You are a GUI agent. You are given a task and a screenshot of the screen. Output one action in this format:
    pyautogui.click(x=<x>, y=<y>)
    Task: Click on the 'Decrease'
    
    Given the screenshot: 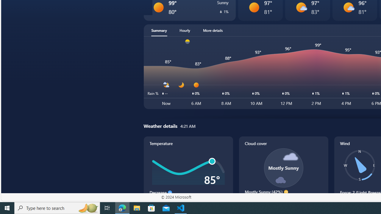 What is the action you would take?
    pyautogui.click(x=169, y=193)
    